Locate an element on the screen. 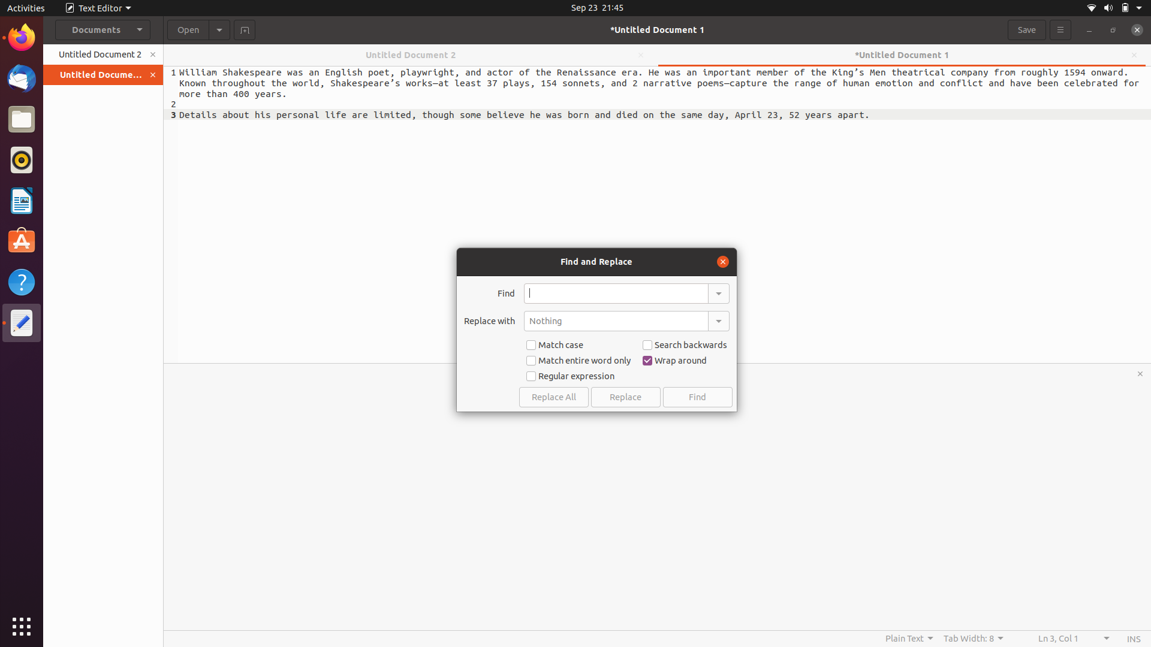  Close the search and replace box and minimize the document is located at coordinates (721, 260).